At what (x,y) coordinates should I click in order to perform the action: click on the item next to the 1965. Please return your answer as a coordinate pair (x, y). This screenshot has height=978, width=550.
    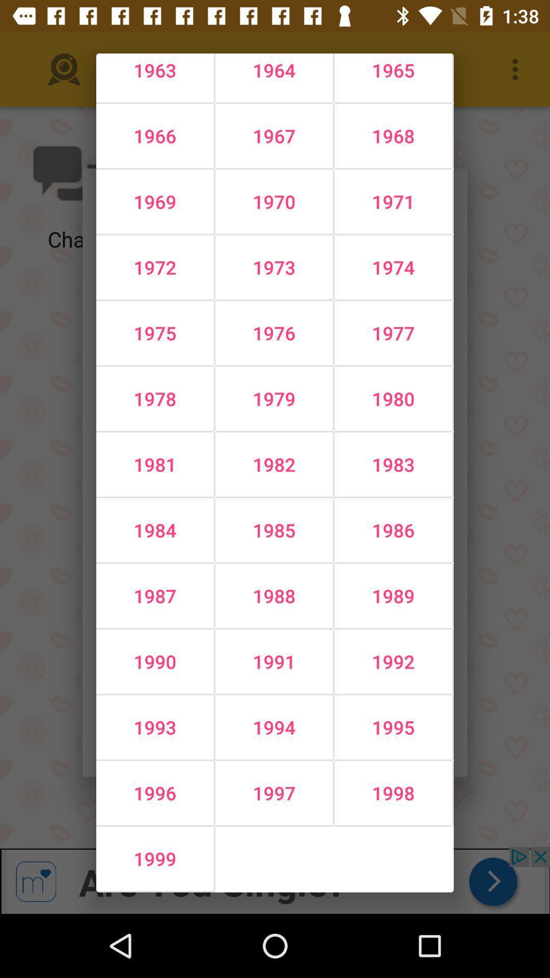
    Looking at the image, I should click on (273, 135).